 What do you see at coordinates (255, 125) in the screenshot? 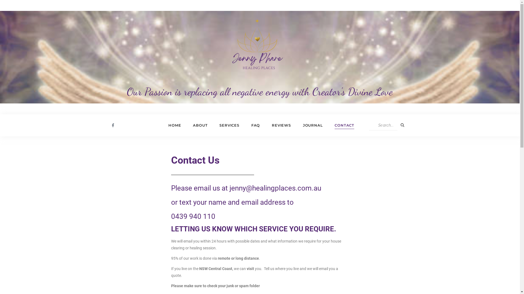
I see `'FAQ'` at bounding box center [255, 125].